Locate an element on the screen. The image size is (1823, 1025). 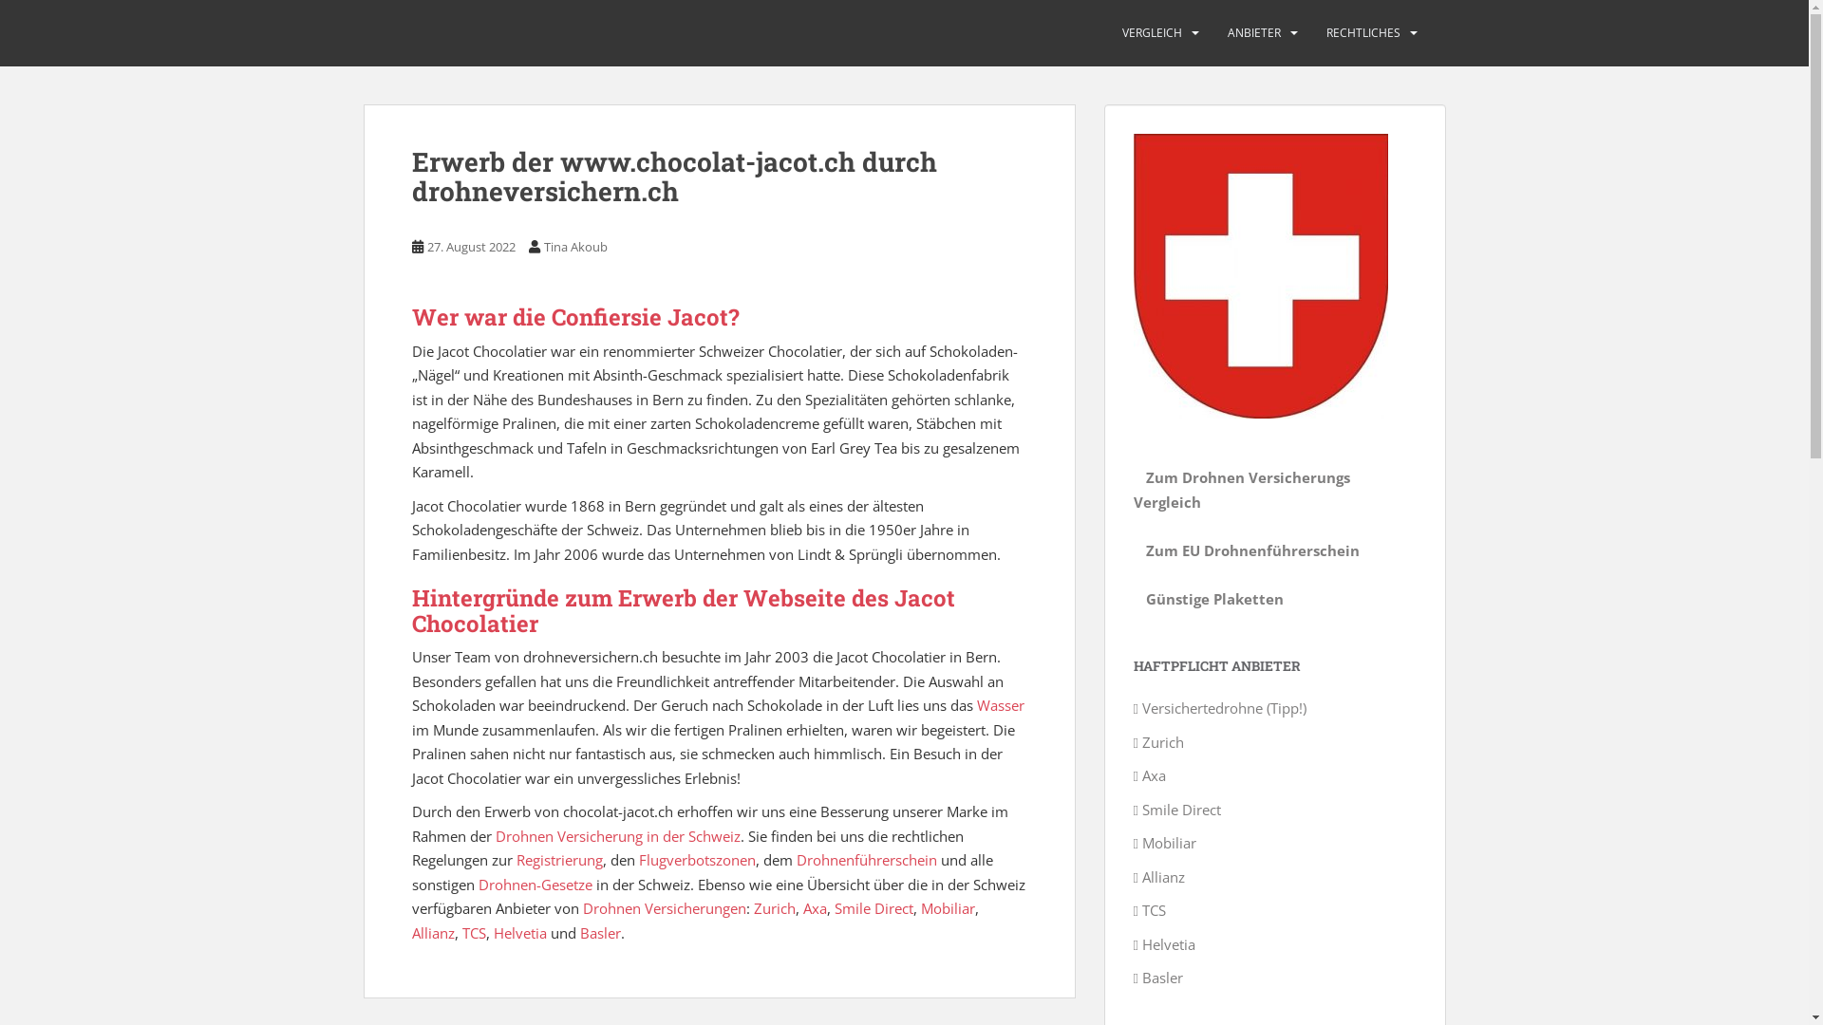
'ANBIETER' is located at coordinates (1253, 32).